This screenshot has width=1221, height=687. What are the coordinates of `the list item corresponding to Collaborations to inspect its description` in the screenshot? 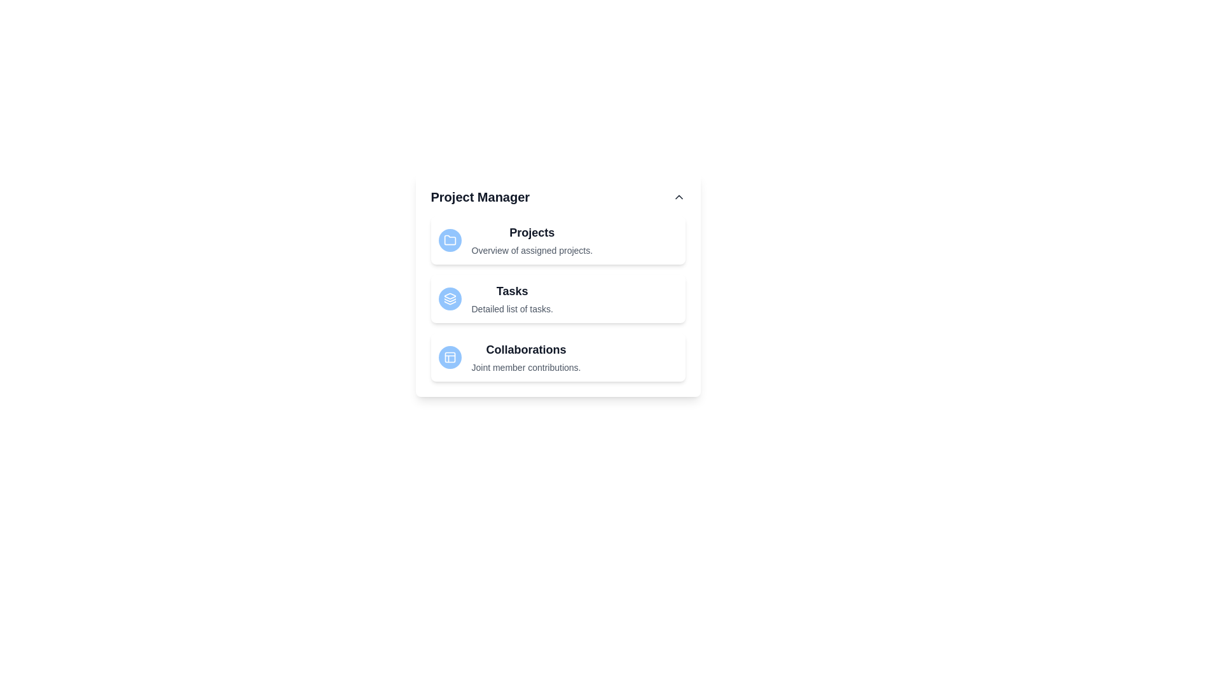 It's located at (509, 363).